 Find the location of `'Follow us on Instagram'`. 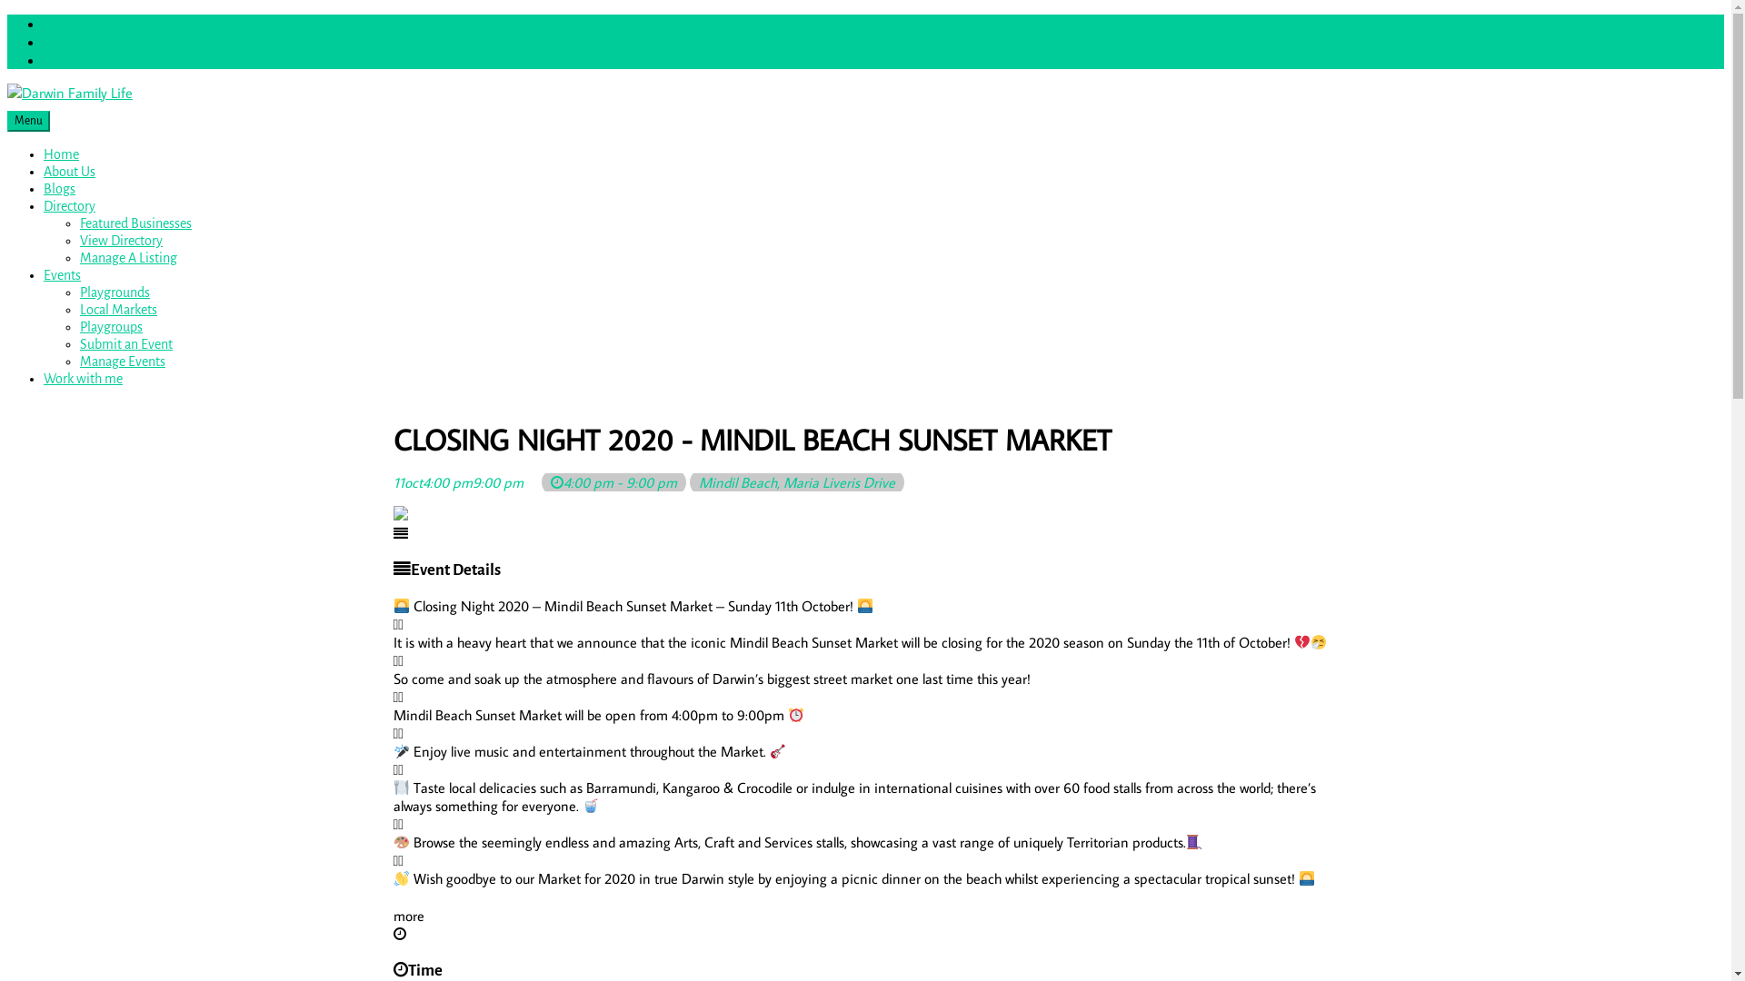

'Follow us on Instagram' is located at coordinates (110, 58).